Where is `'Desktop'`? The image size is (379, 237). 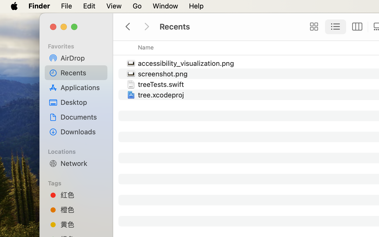
'Desktop' is located at coordinates (82, 102).